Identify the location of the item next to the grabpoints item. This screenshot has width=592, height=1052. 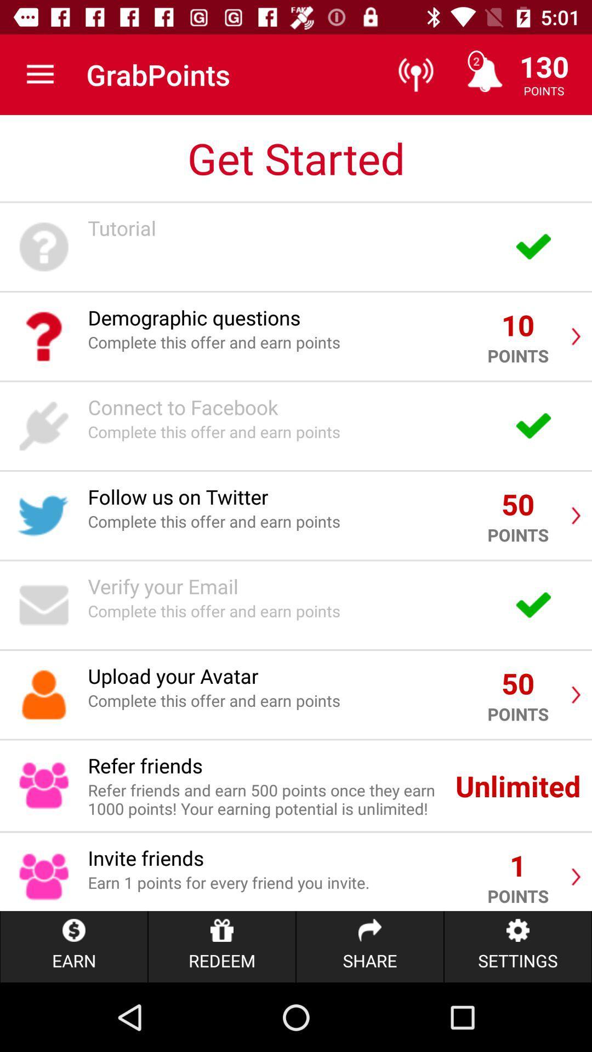
(39, 74).